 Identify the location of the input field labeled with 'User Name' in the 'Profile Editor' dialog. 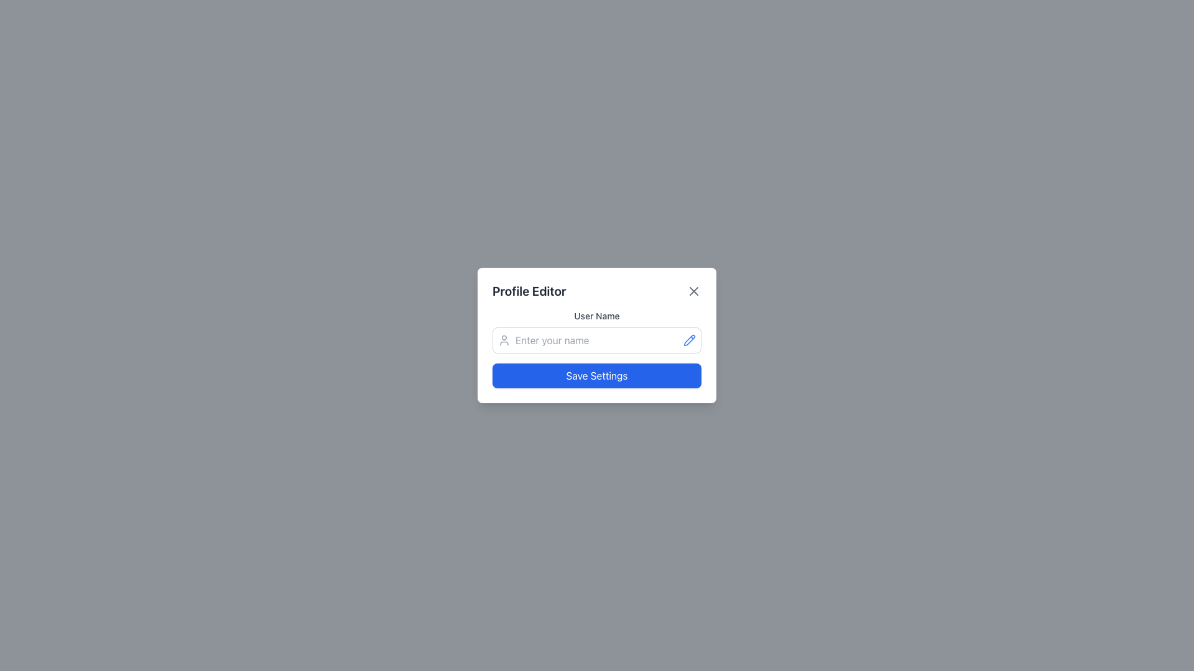
(597, 340).